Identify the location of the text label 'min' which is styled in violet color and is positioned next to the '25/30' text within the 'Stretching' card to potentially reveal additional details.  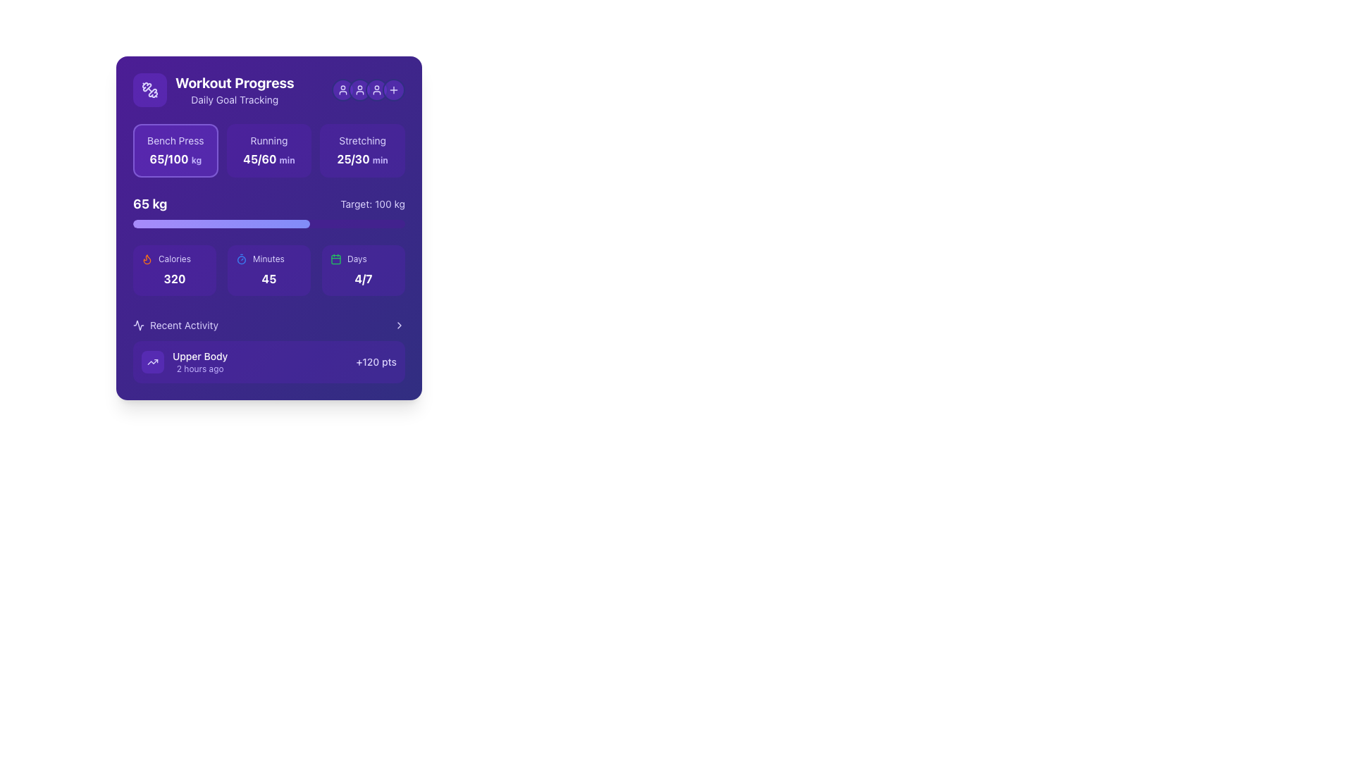
(380, 159).